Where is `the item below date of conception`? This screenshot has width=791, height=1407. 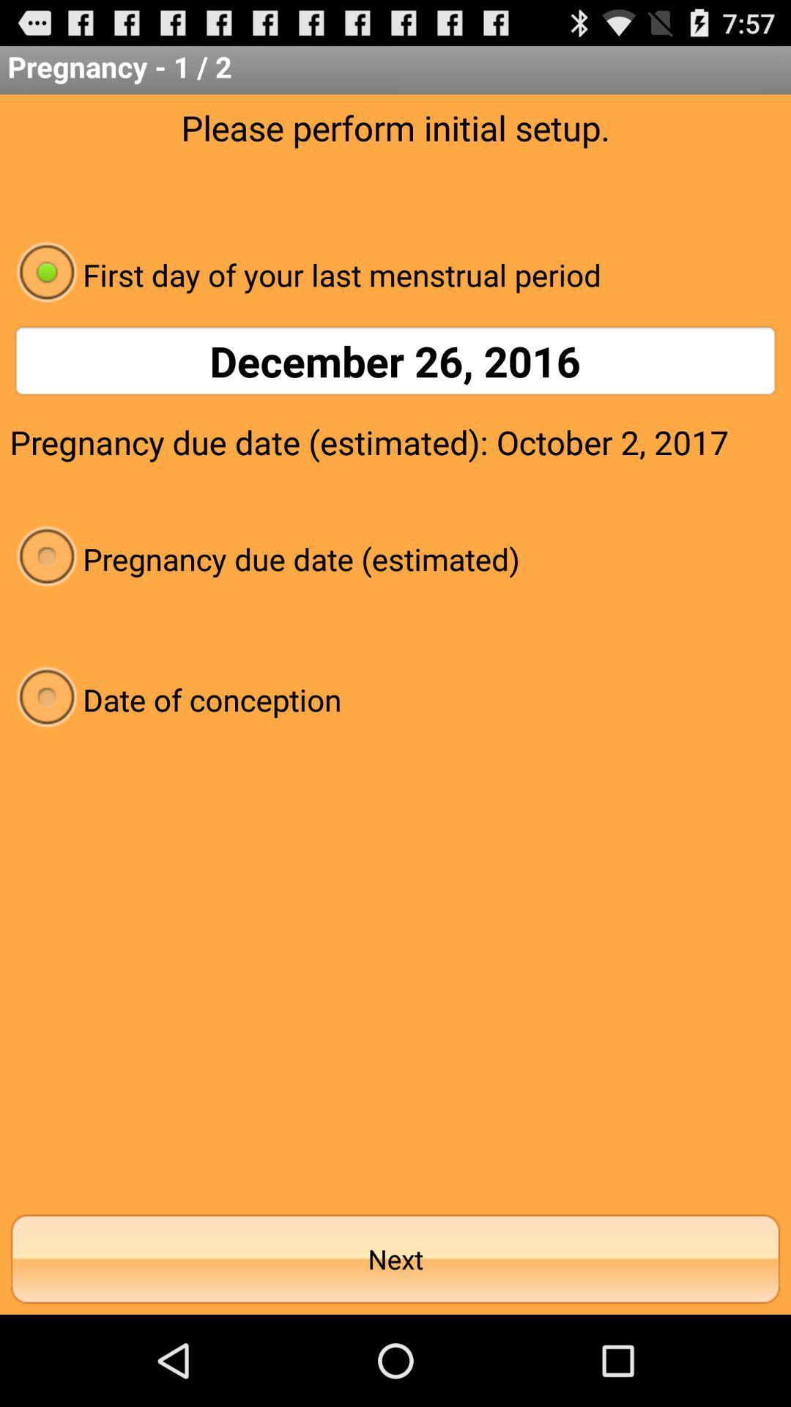 the item below date of conception is located at coordinates (395, 1258).